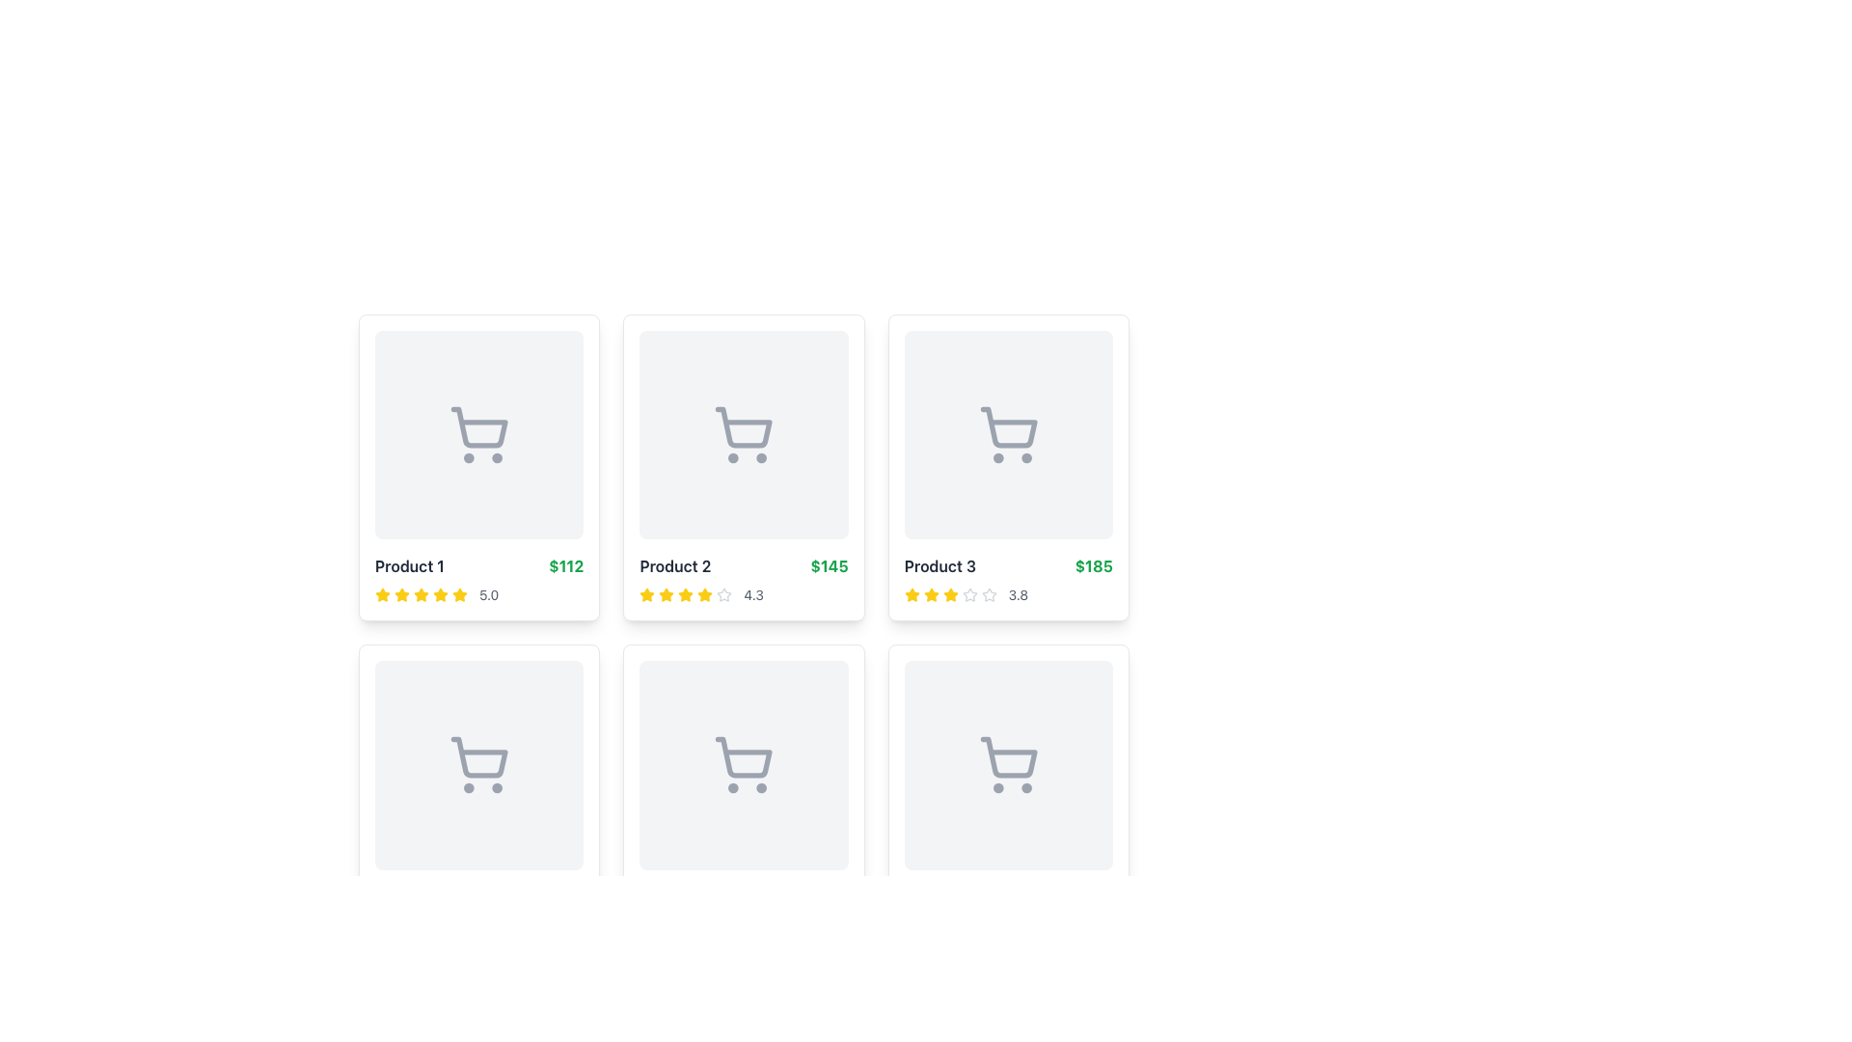  What do you see at coordinates (675, 565) in the screenshot?
I see `the 'Product 2' text label, which is displayed in bold dark gray above the price label '$145' in the second product card from the left` at bounding box center [675, 565].